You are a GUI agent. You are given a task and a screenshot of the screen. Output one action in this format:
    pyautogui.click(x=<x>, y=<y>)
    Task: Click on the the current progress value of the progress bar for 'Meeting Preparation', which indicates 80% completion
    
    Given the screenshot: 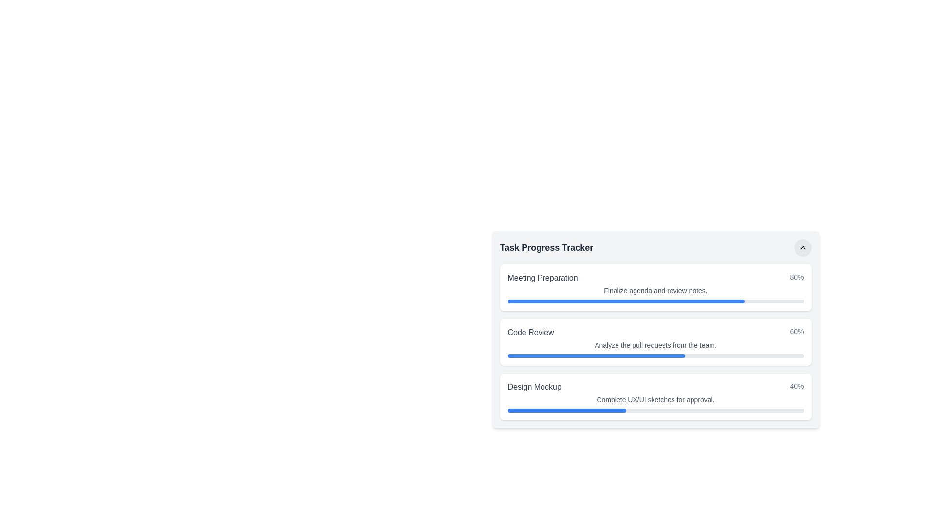 What is the action you would take?
    pyautogui.click(x=626, y=301)
    